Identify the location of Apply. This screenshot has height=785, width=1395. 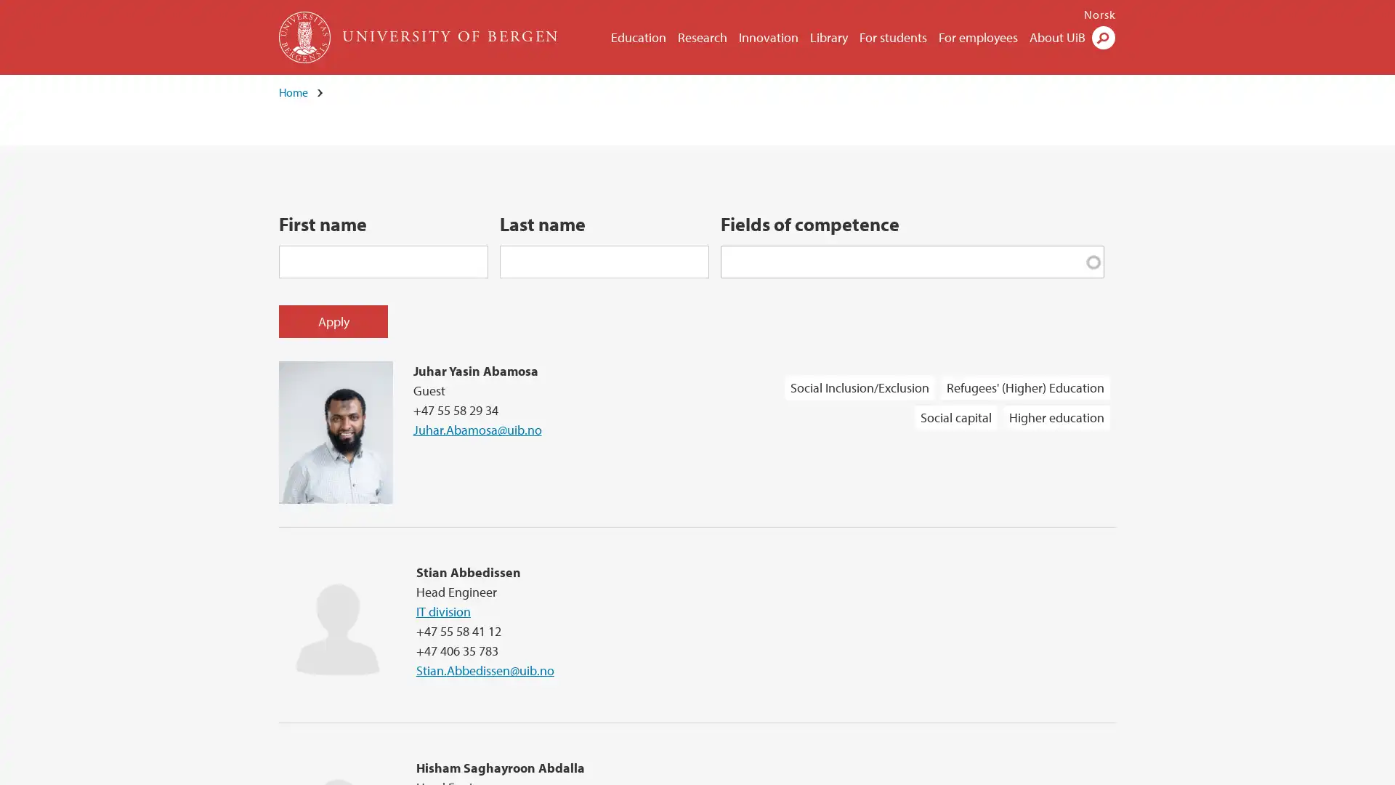
(333, 320).